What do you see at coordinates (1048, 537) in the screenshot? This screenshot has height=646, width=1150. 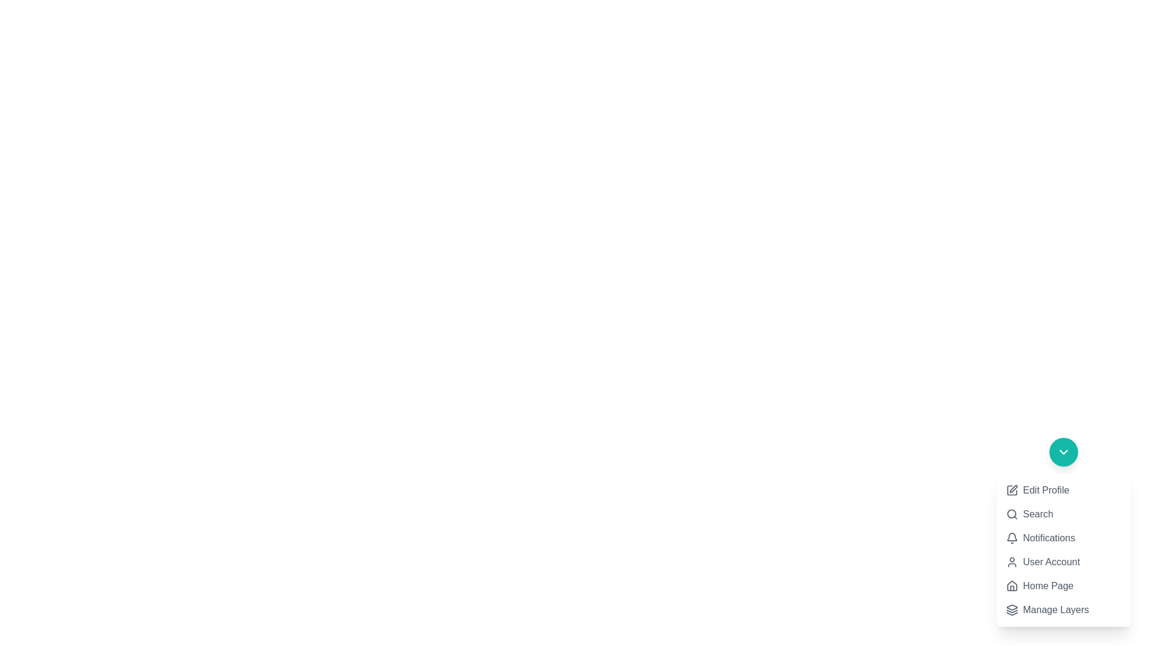 I see `the 'Notifications' text label in the dropdown menu, which is the third option in a vertical list and is styled in medium gray sans-serif font` at bounding box center [1048, 537].